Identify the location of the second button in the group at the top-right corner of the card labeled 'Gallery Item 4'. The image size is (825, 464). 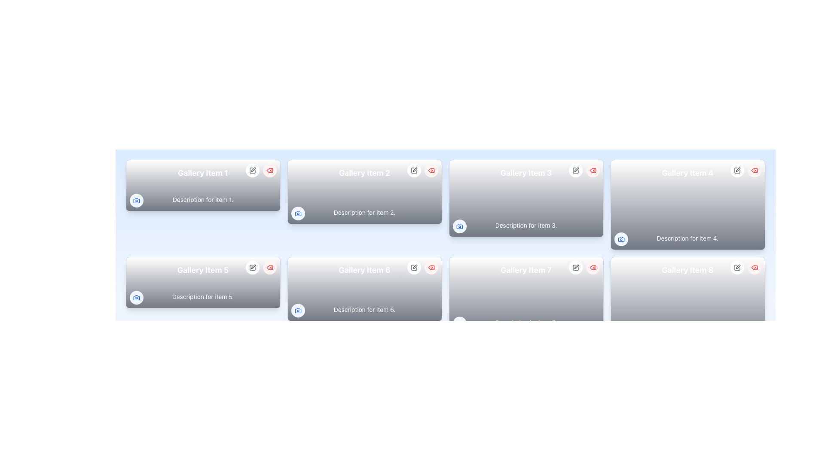
(754, 171).